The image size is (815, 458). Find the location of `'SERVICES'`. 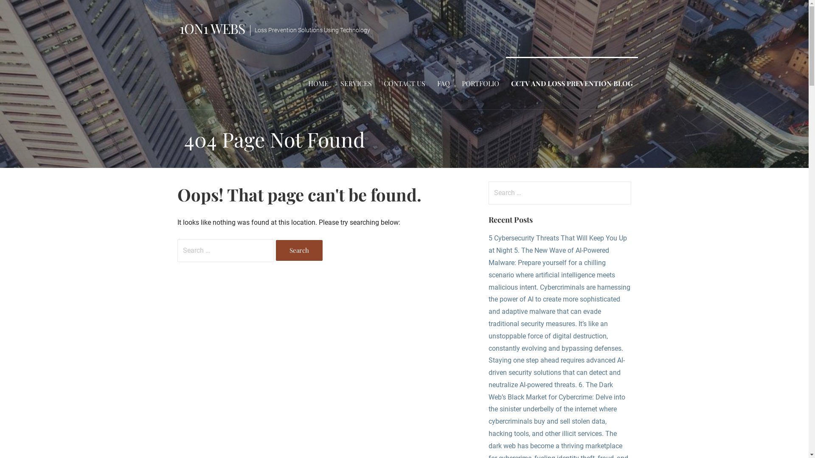

'SERVICES' is located at coordinates (356, 83).